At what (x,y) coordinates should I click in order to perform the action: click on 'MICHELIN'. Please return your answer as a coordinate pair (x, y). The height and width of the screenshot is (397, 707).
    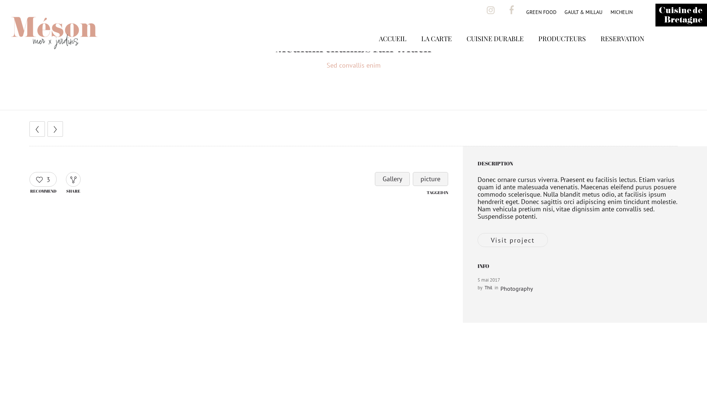
    Looking at the image, I should click on (621, 12).